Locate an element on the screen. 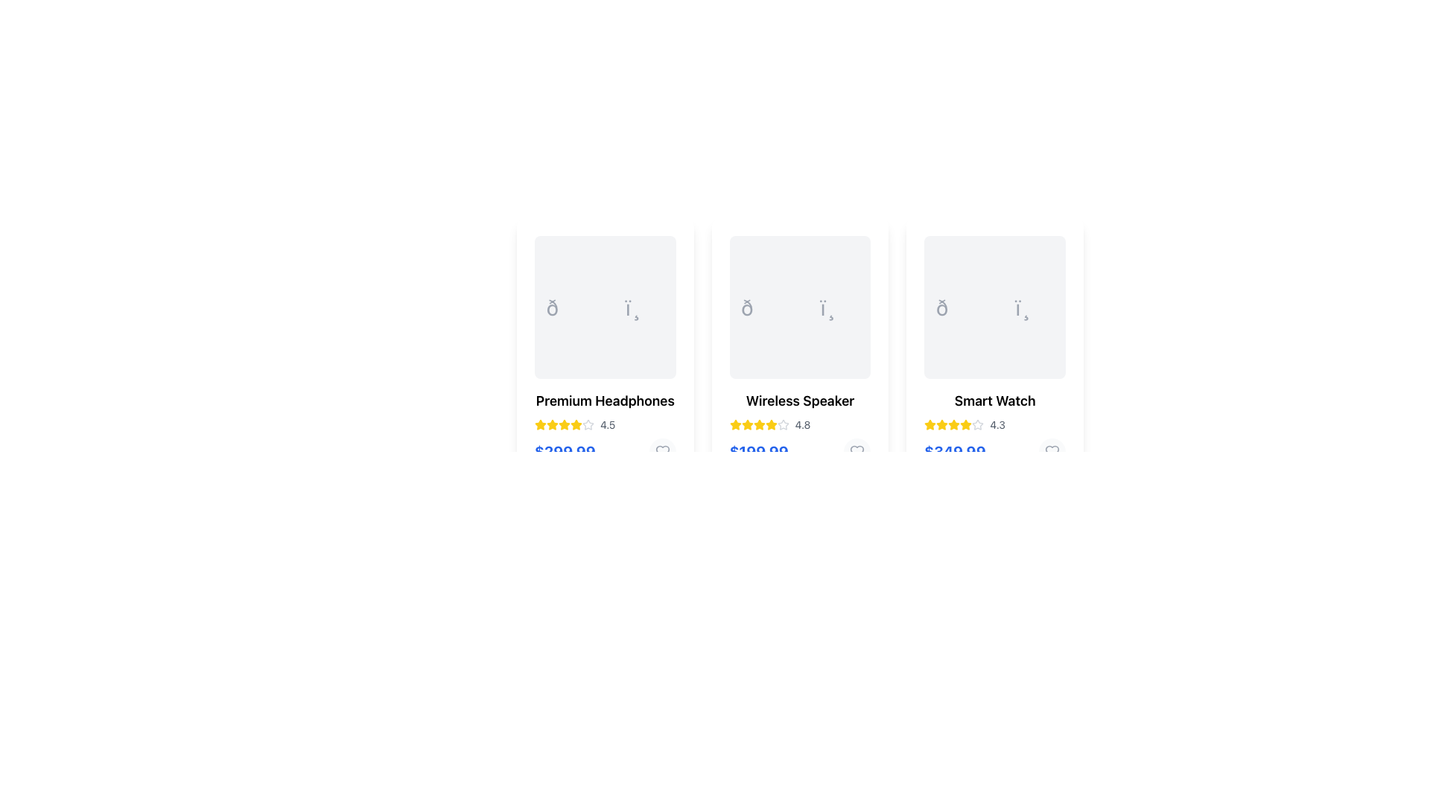  the first star icon in the rating system for 'Premium Headphones', which is positioned leftmost in the group of stars below the title is located at coordinates (539, 424).